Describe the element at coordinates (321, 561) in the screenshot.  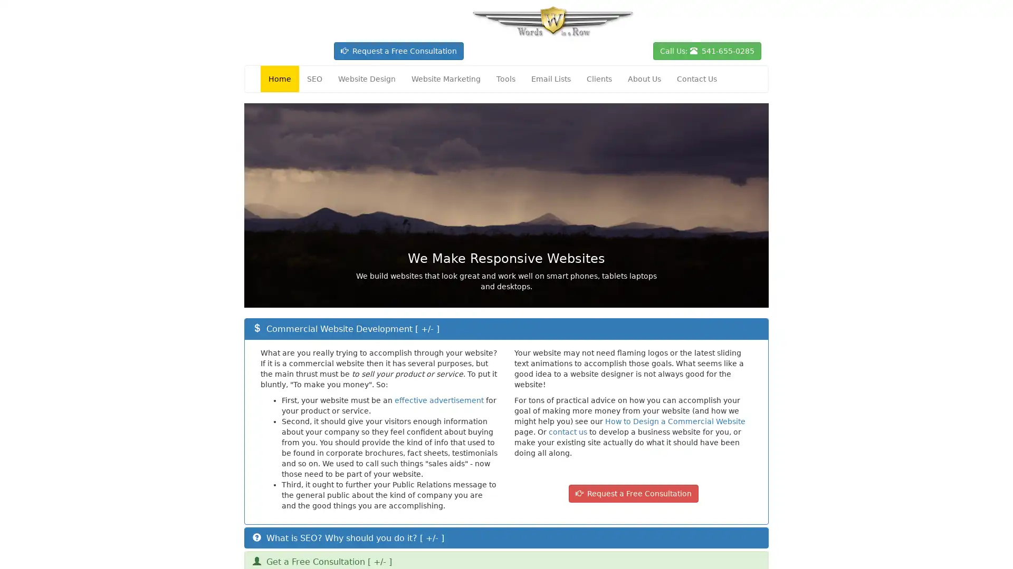
I see `Get a Free Consultation [ +/- ]` at that location.